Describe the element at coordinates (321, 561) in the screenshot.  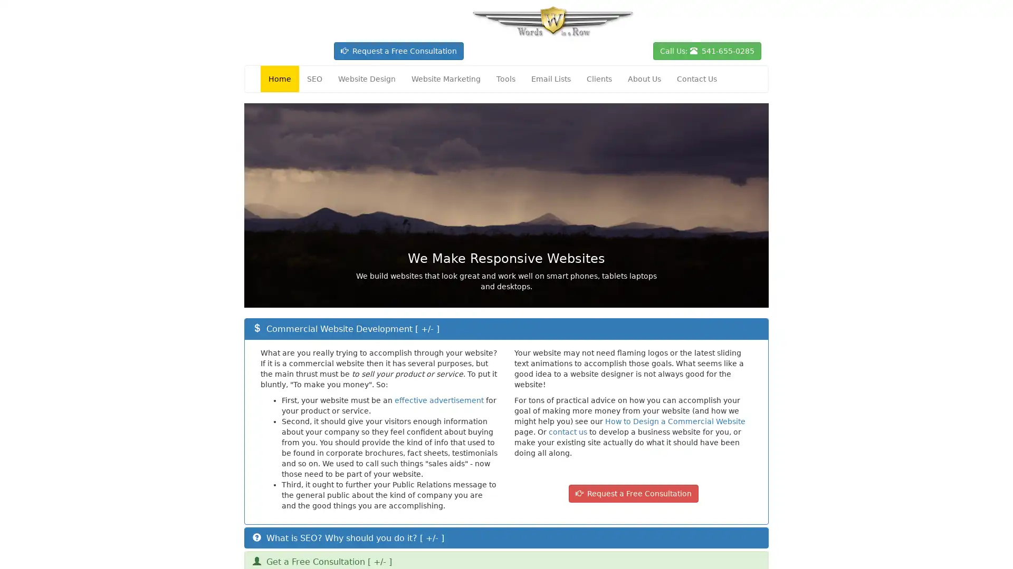
I see `Get a Free Consultation [ +/- ]` at that location.